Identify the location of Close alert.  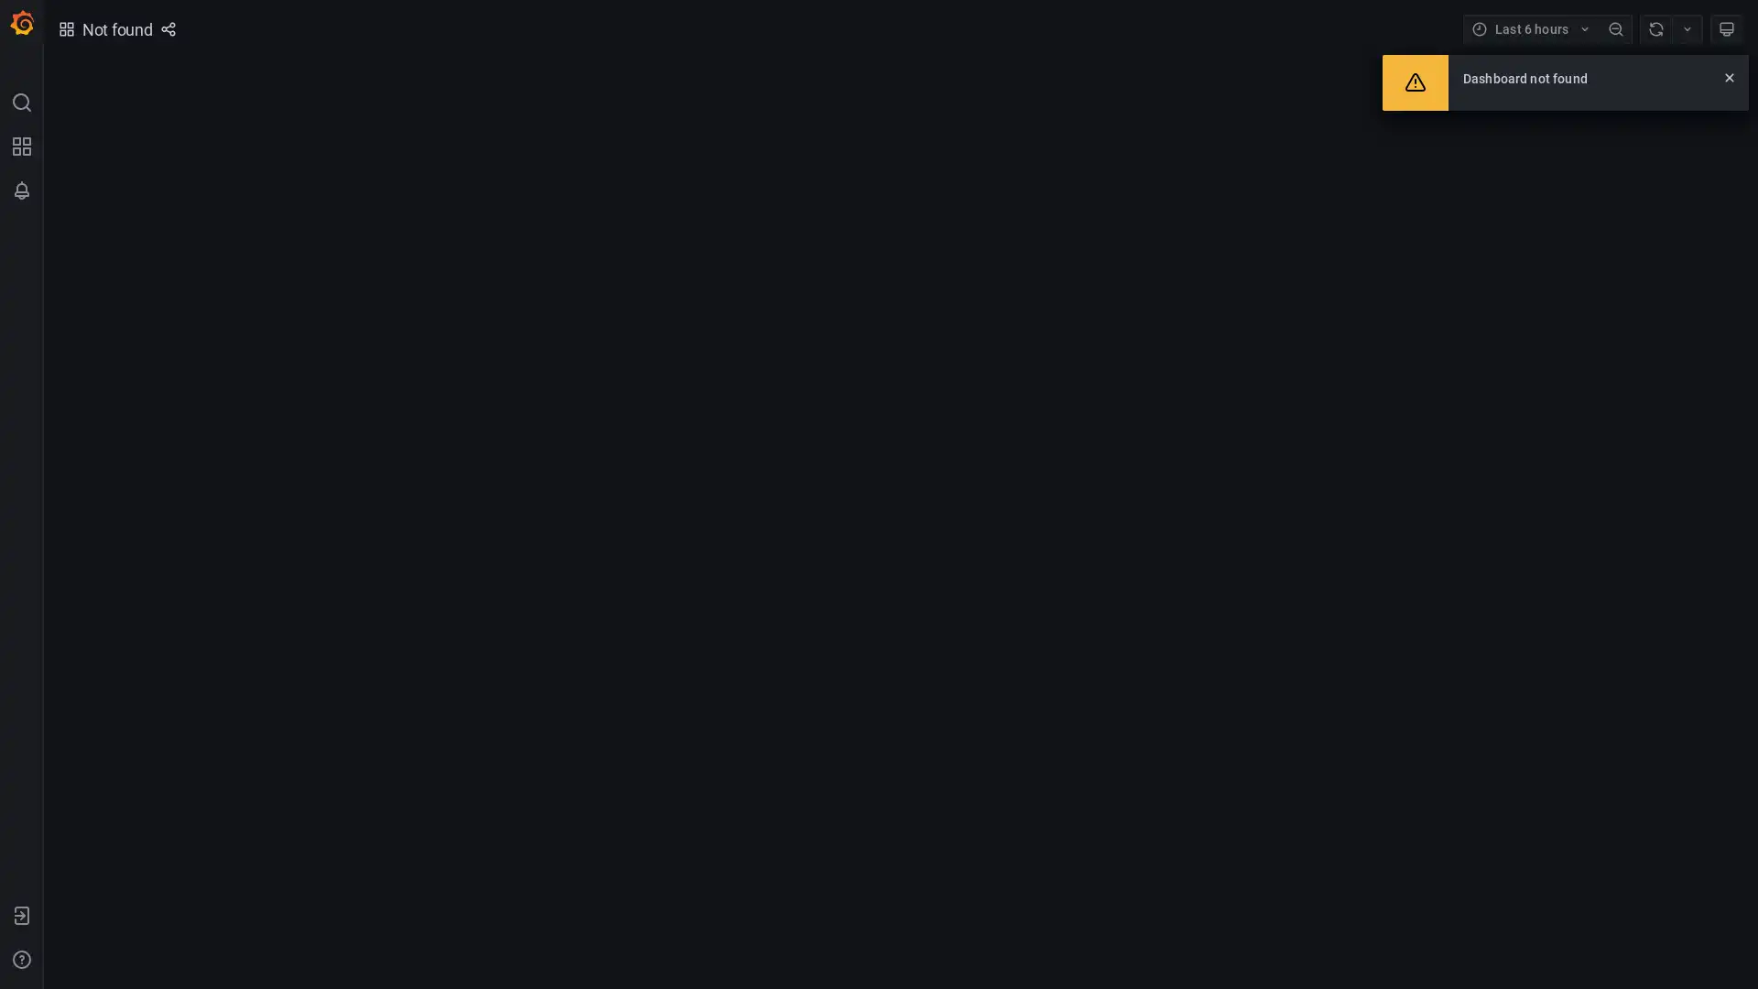
(1729, 76).